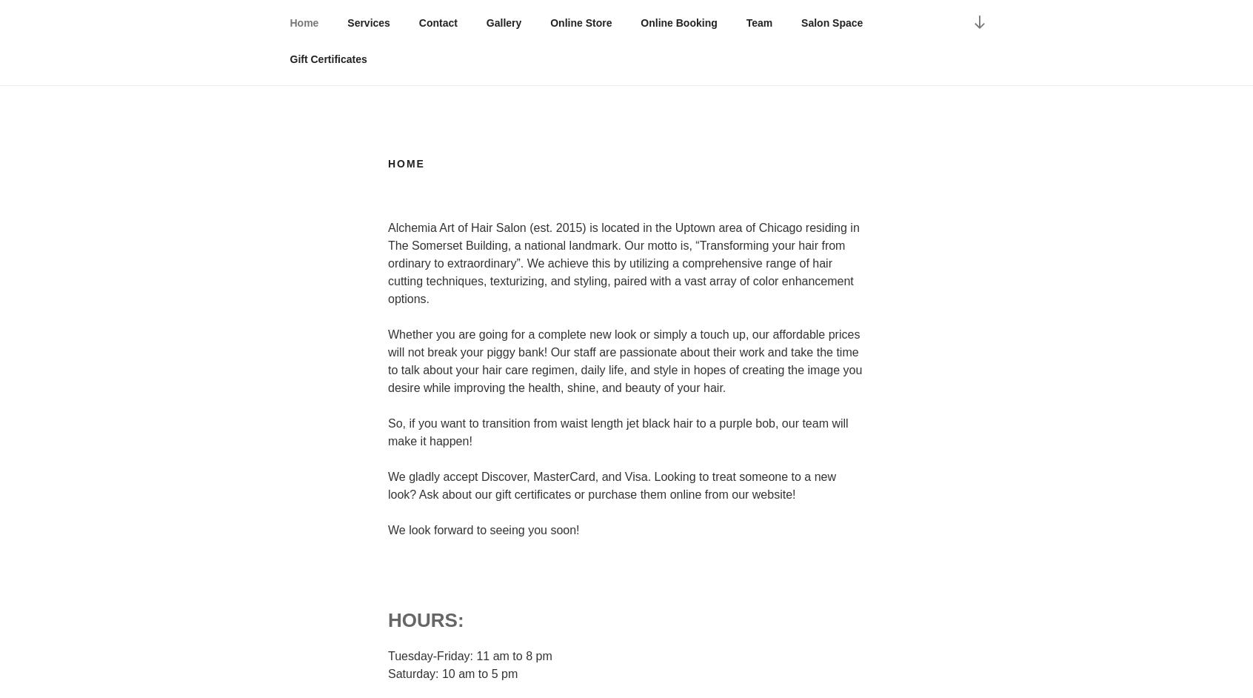  What do you see at coordinates (388, 484) in the screenshot?
I see `'We gladly accept Discover, MasterCard, and Visa. Looking to treat someone to a new look? Ask about our gift certificates or purchase them online from our website!'` at bounding box center [388, 484].